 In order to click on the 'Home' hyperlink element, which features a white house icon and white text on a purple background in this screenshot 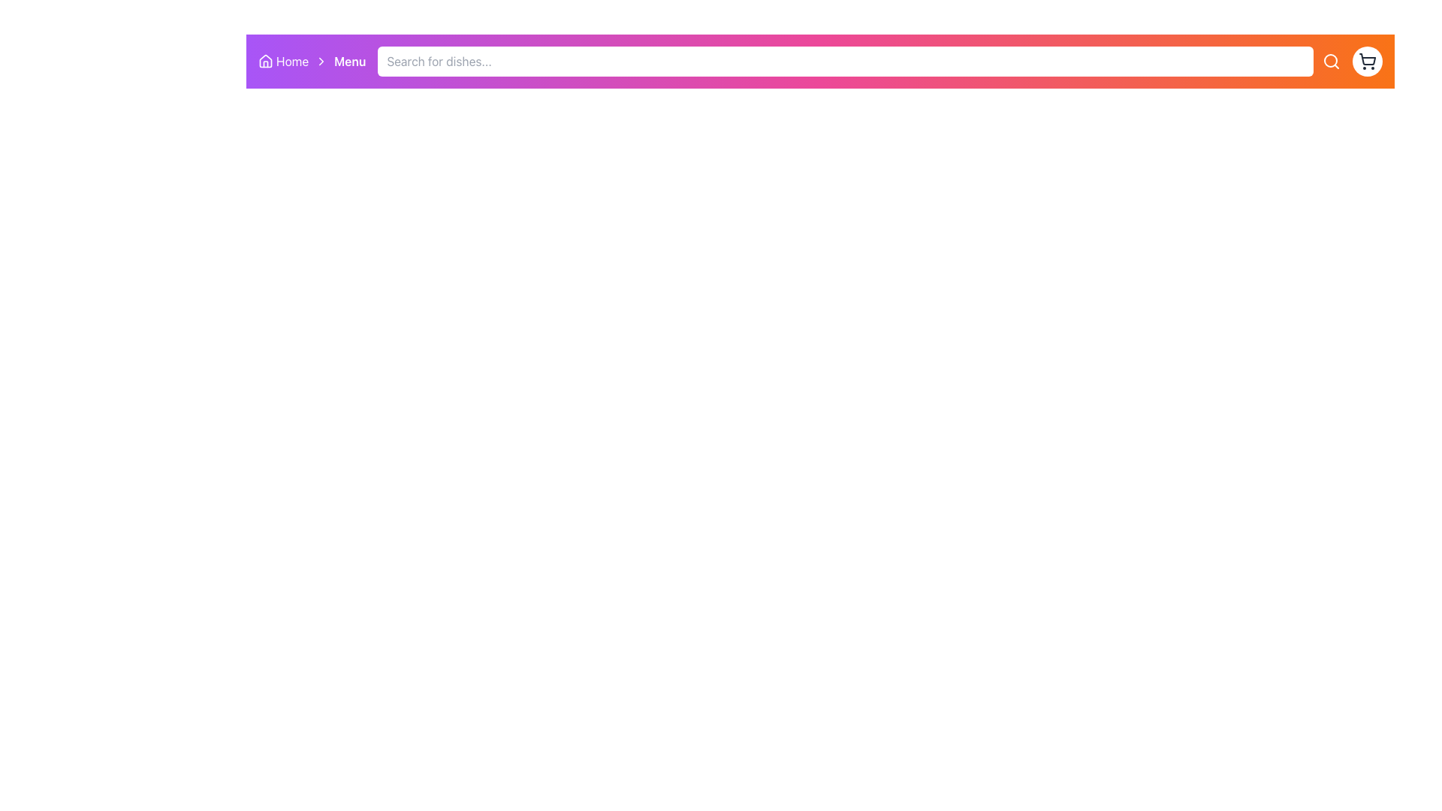, I will do `click(283, 60)`.